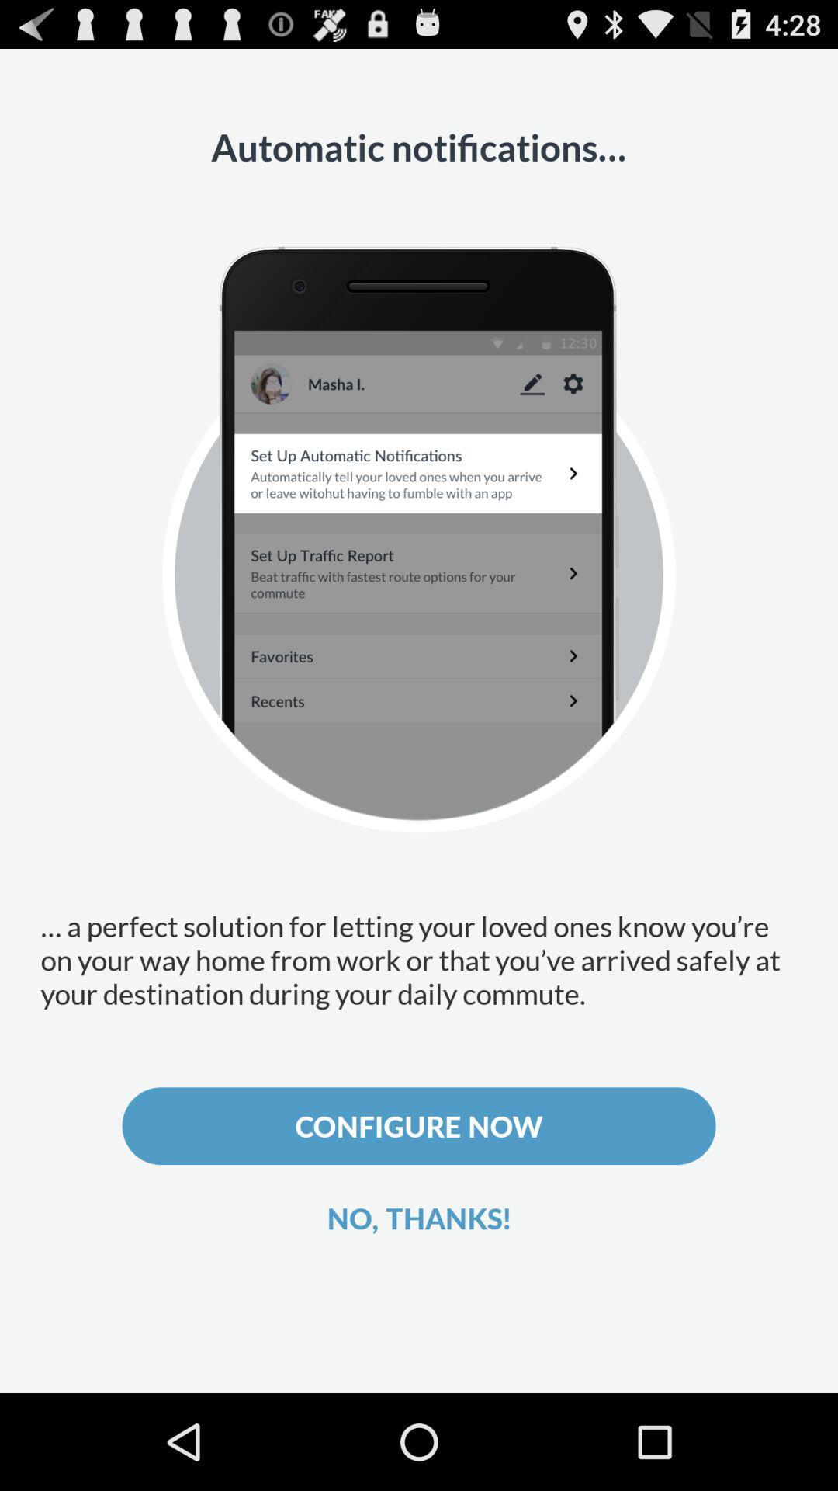 This screenshot has height=1491, width=838. What do you see at coordinates (419, 1126) in the screenshot?
I see `the configure now icon` at bounding box center [419, 1126].